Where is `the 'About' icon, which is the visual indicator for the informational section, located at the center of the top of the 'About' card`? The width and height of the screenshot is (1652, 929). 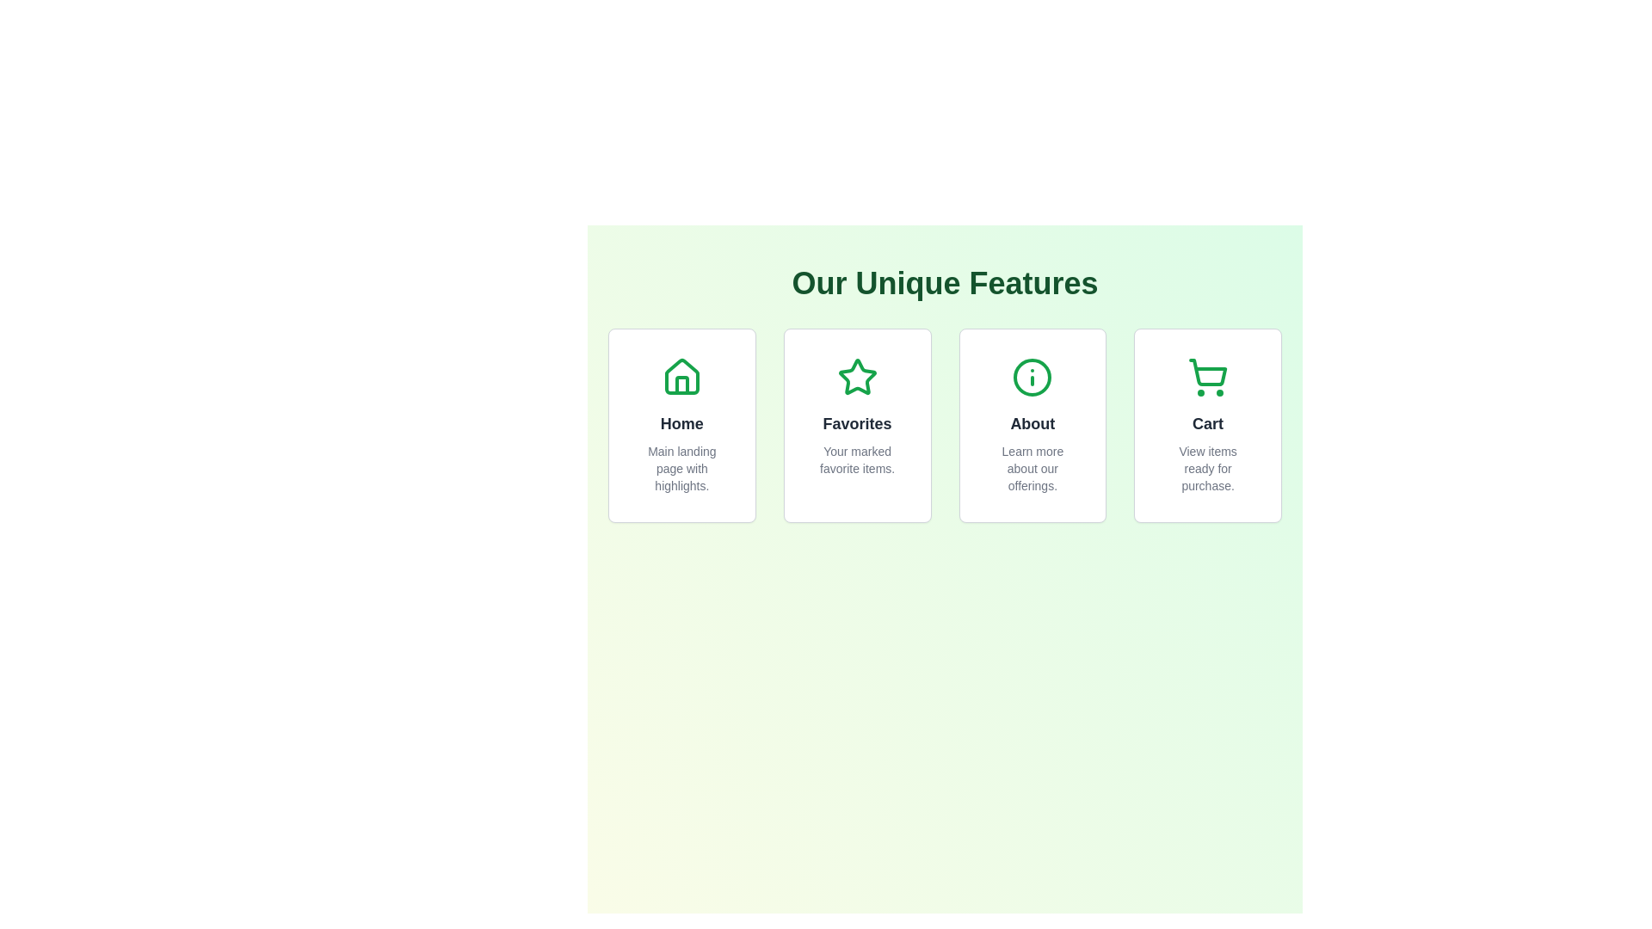 the 'About' icon, which is the visual indicator for the informational section, located at the center of the top of the 'About' card is located at coordinates (1032, 377).